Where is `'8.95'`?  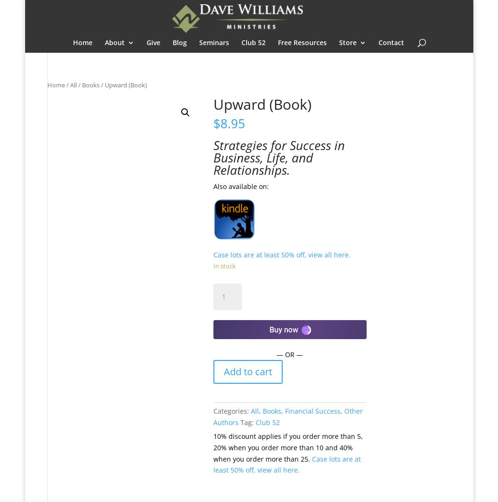
'8.95' is located at coordinates (232, 122).